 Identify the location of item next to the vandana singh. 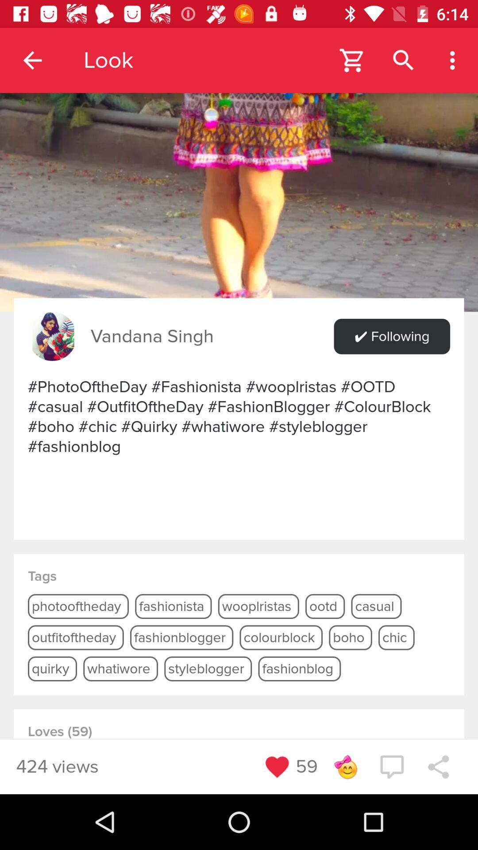
(391, 336).